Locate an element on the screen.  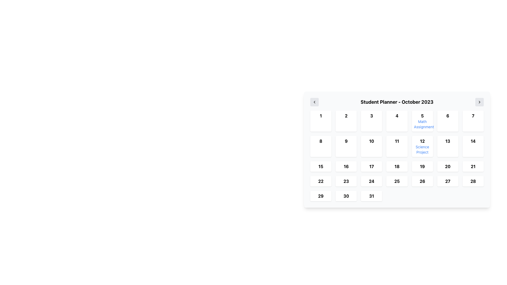
the date '14' in the calendar interface is located at coordinates (473, 141).